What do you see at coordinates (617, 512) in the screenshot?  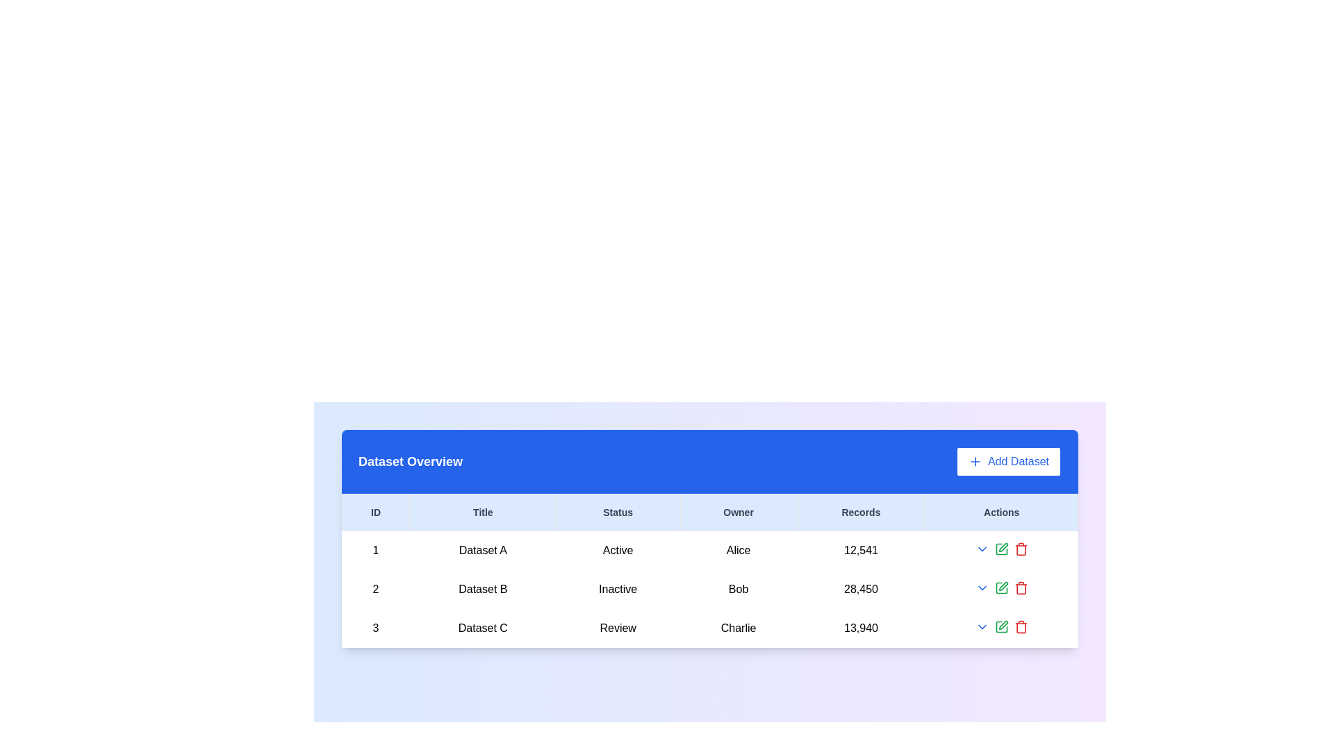 I see `the 'Status' column header in the table, which is the third column header located in the top row of the table` at bounding box center [617, 512].